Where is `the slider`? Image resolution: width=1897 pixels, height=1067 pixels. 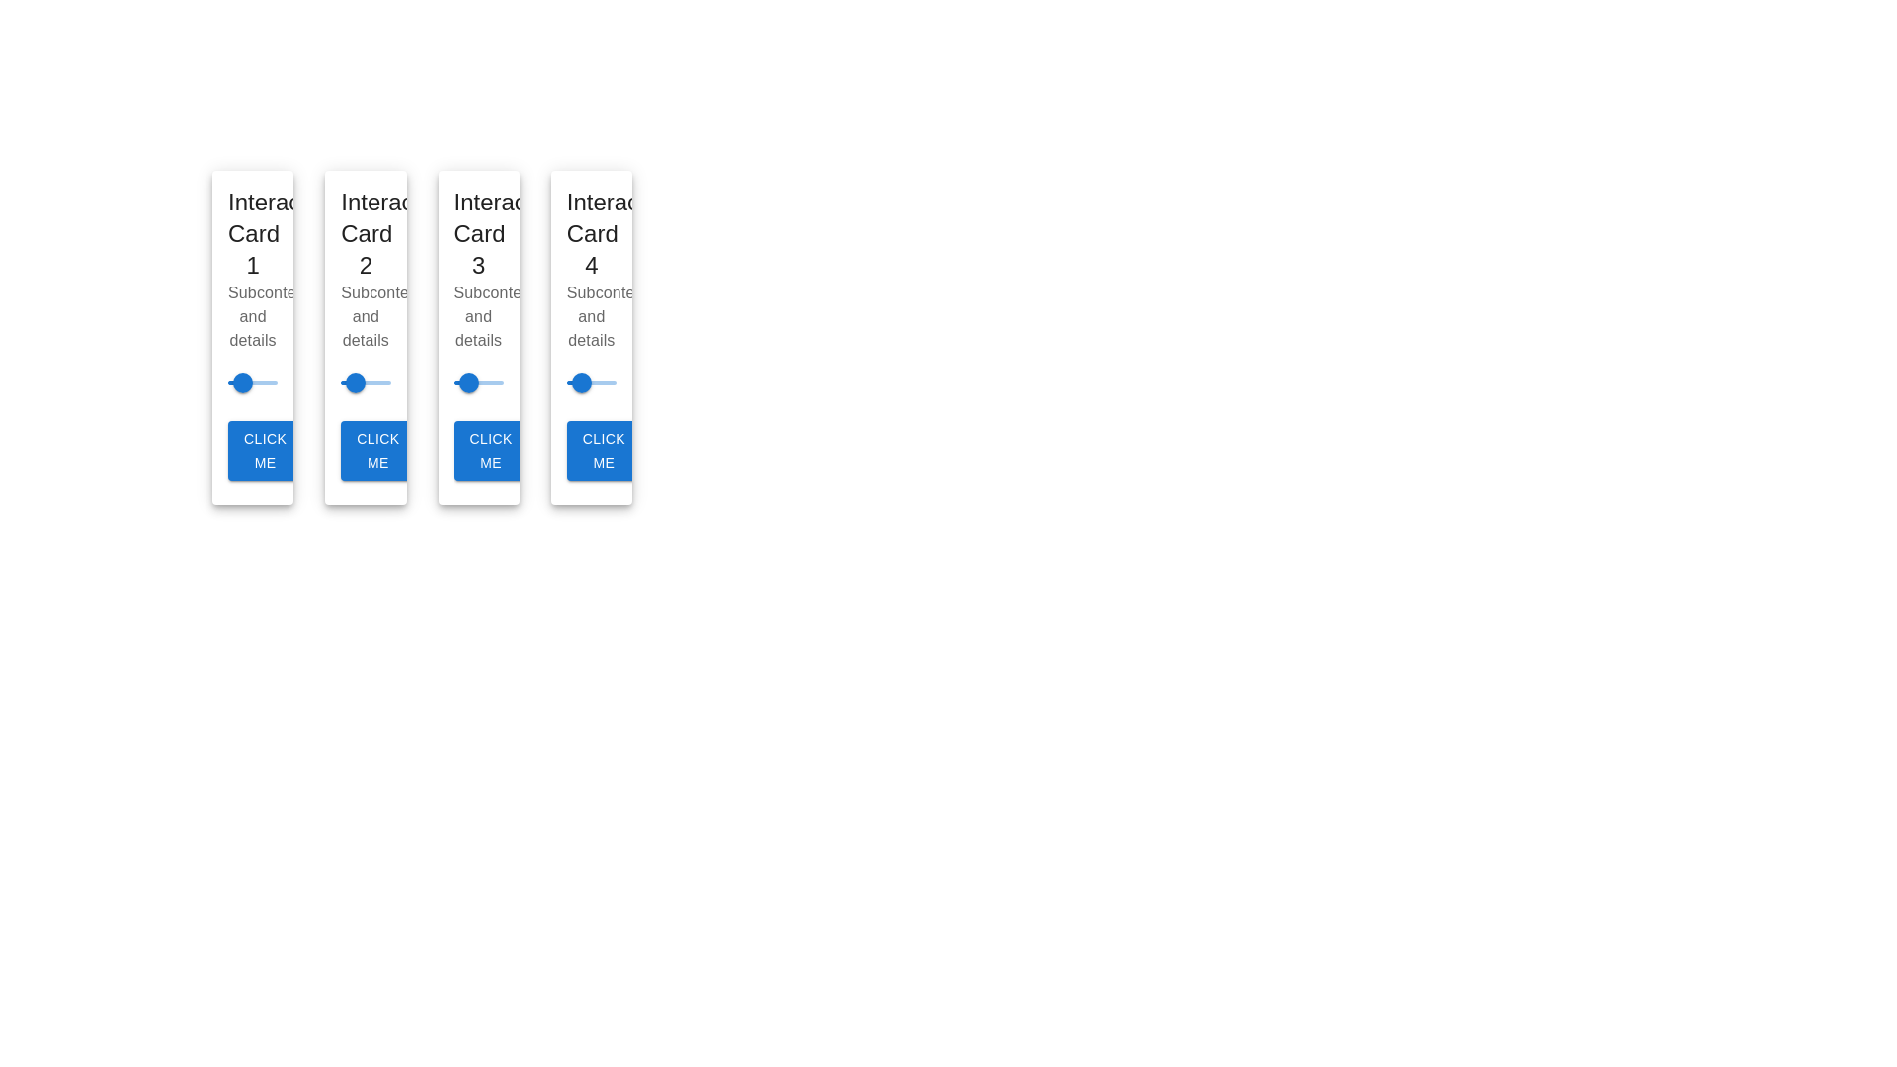 the slider is located at coordinates (236, 383).